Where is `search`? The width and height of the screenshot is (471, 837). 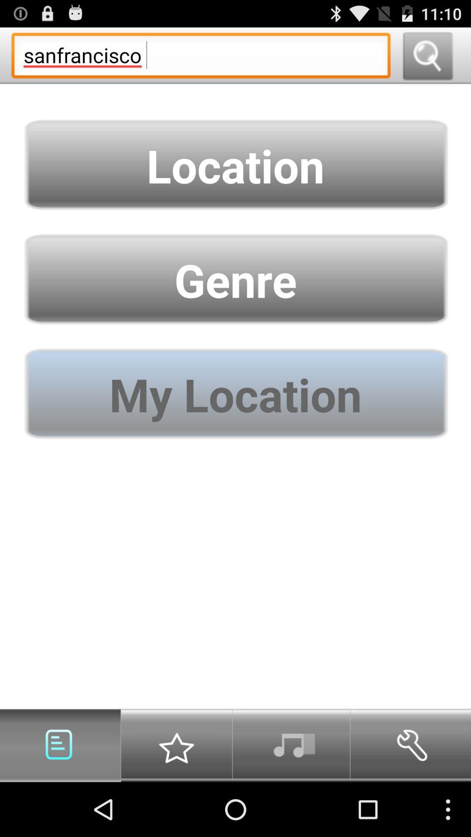
search is located at coordinates (427, 55).